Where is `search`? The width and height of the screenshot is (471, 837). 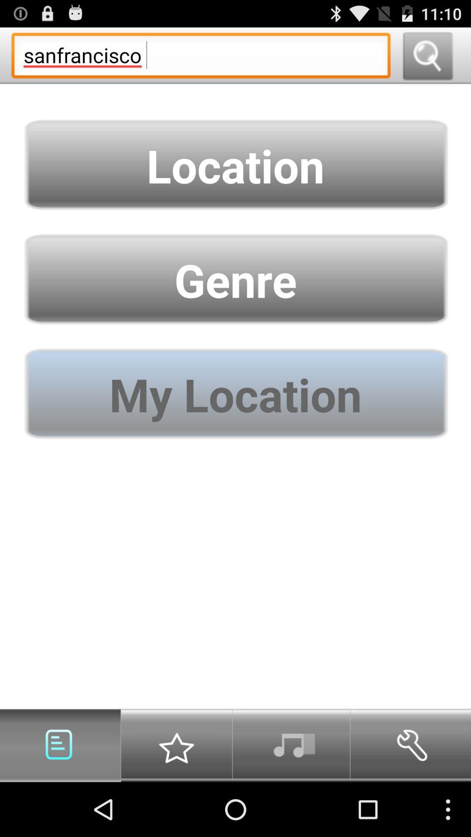
search is located at coordinates (427, 55).